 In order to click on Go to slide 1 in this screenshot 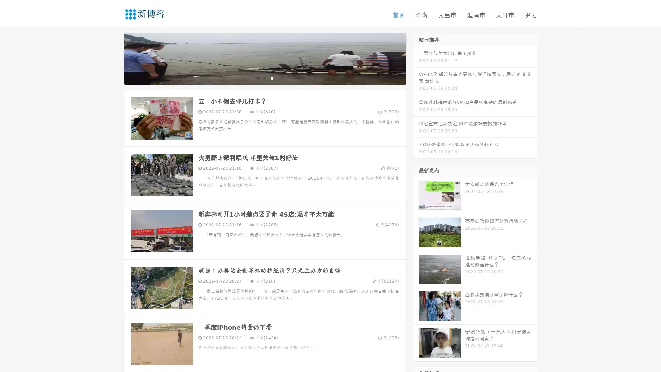, I will do `click(258, 77)`.